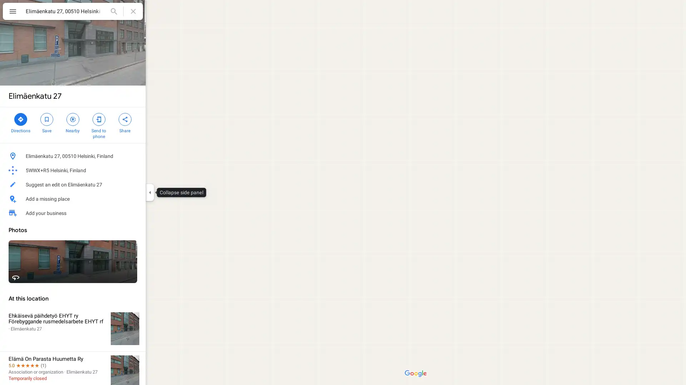 The image size is (686, 385). What do you see at coordinates (98, 125) in the screenshot?
I see `Send Elimaenkatu 27 to your phone` at bounding box center [98, 125].